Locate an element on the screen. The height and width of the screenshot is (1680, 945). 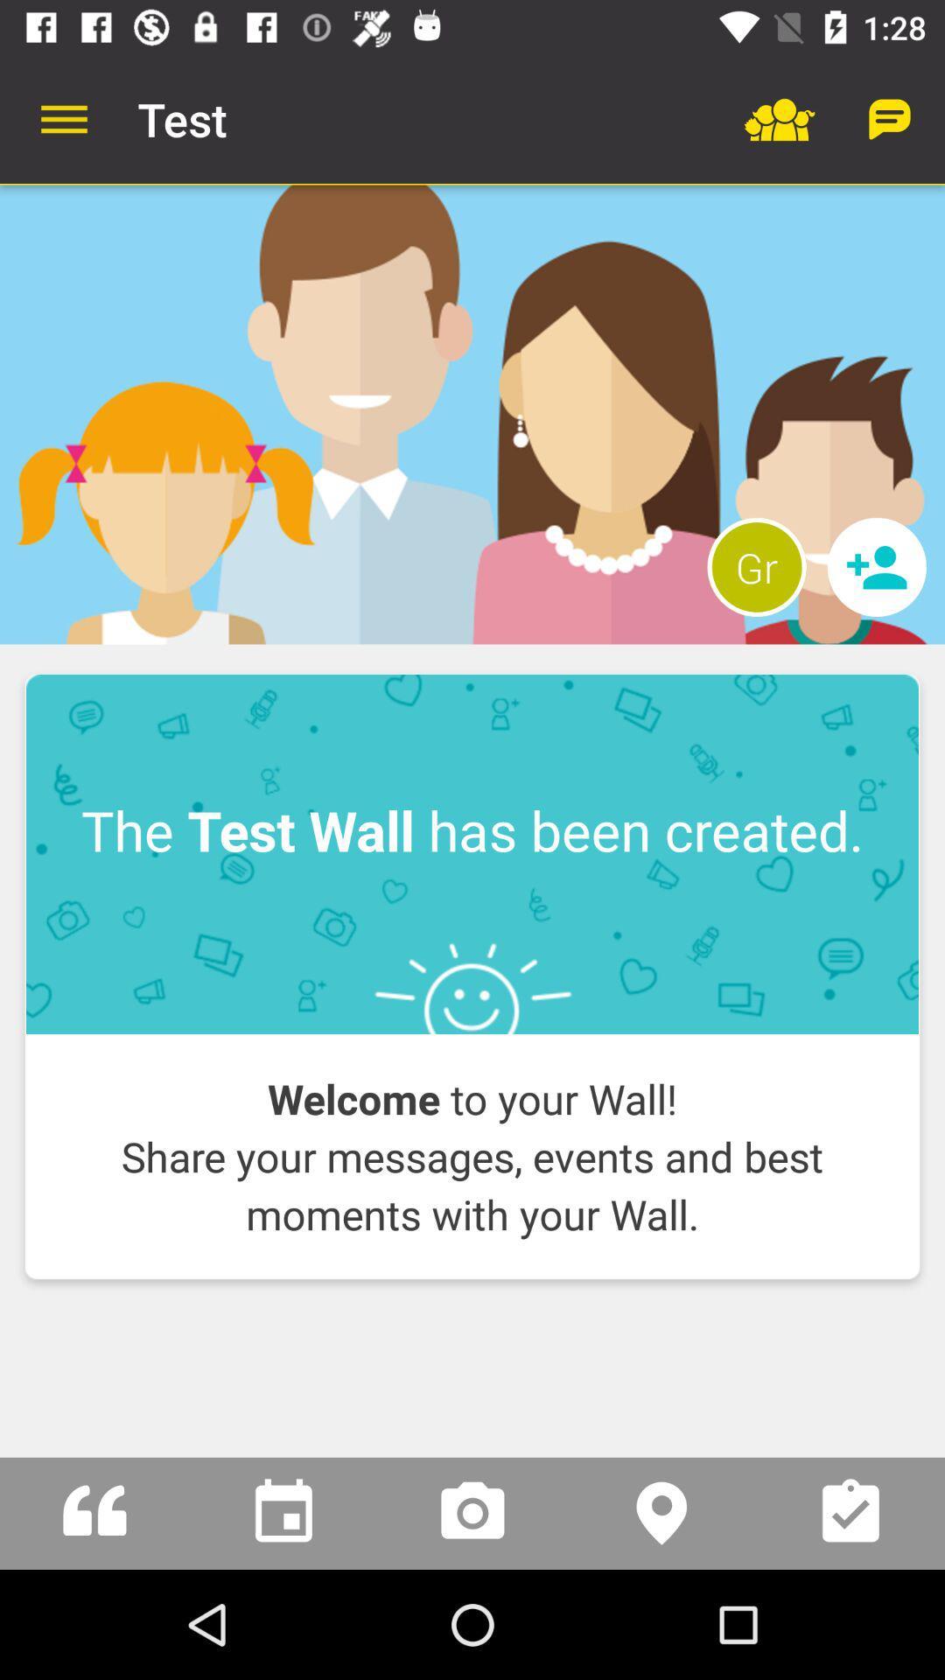
item to the left of test app is located at coordinates (63, 118).